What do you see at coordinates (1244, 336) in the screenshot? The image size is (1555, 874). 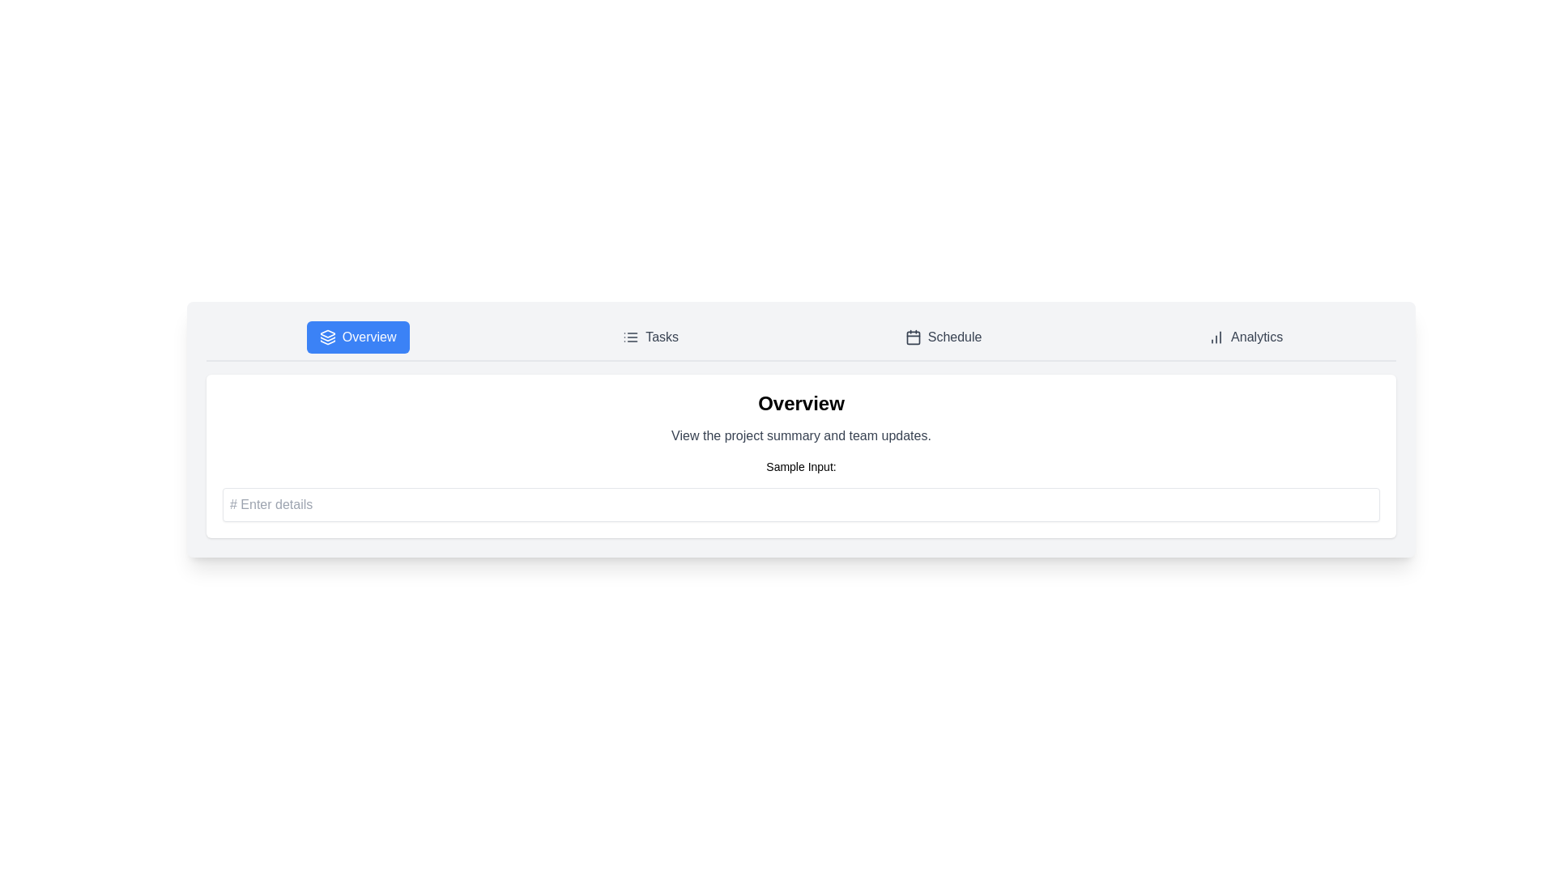 I see `the tab labeled Analytics` at bounding box center [1244, 336].